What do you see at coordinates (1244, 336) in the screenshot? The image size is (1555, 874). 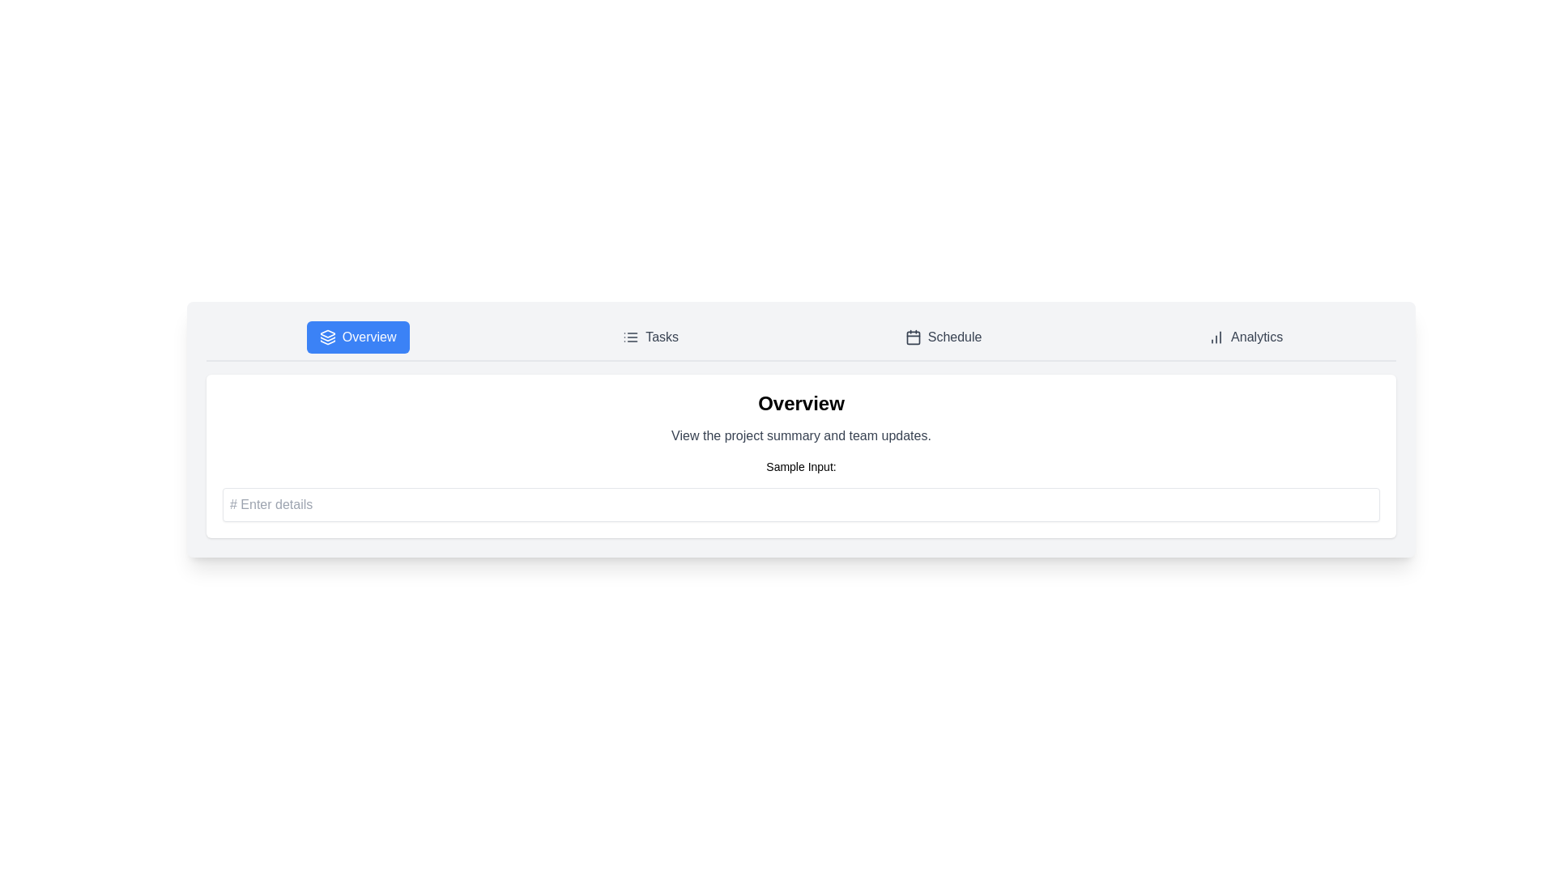 I see `the tab labeled Analytics` at bounding box center [1244, 336].